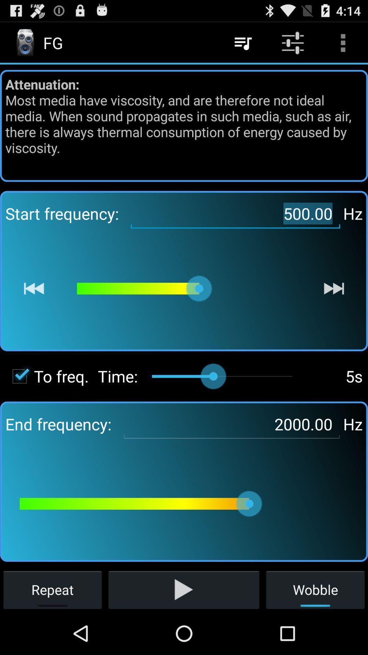  Describe the element at coordinates (34, 308) in the screenshot. I see `the av_rewind icon` at that location.